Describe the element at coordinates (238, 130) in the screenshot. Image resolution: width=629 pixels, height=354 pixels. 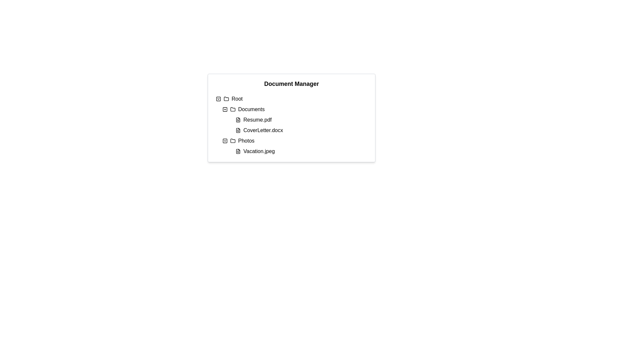
I see `the minimalist file icon representing 'CoverLetter.docx', which is positioned to the left of the text content` at that location.